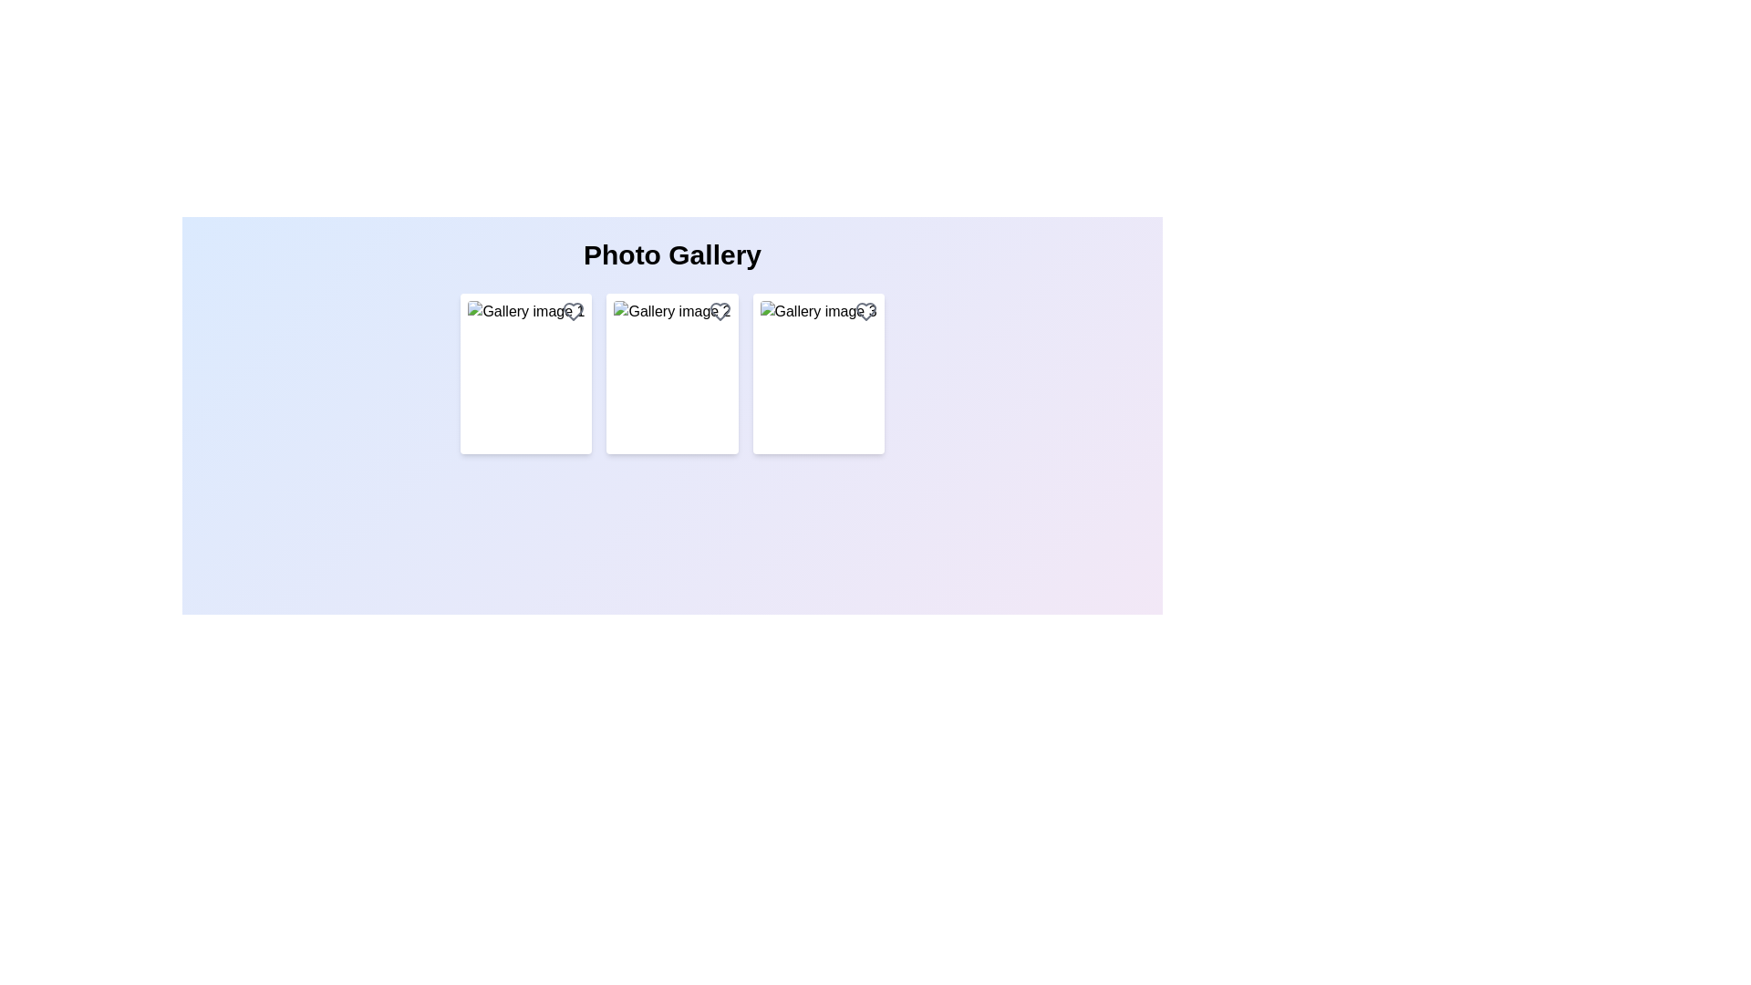 This screenshot has height=985, width=1751. What do you see at coordinates (719, 311) in the screenshot?
I see `the heart-shaped icon located at the top-right corner of the second gallery item, which turns red when hovered over` at bounding box center [719, 311].